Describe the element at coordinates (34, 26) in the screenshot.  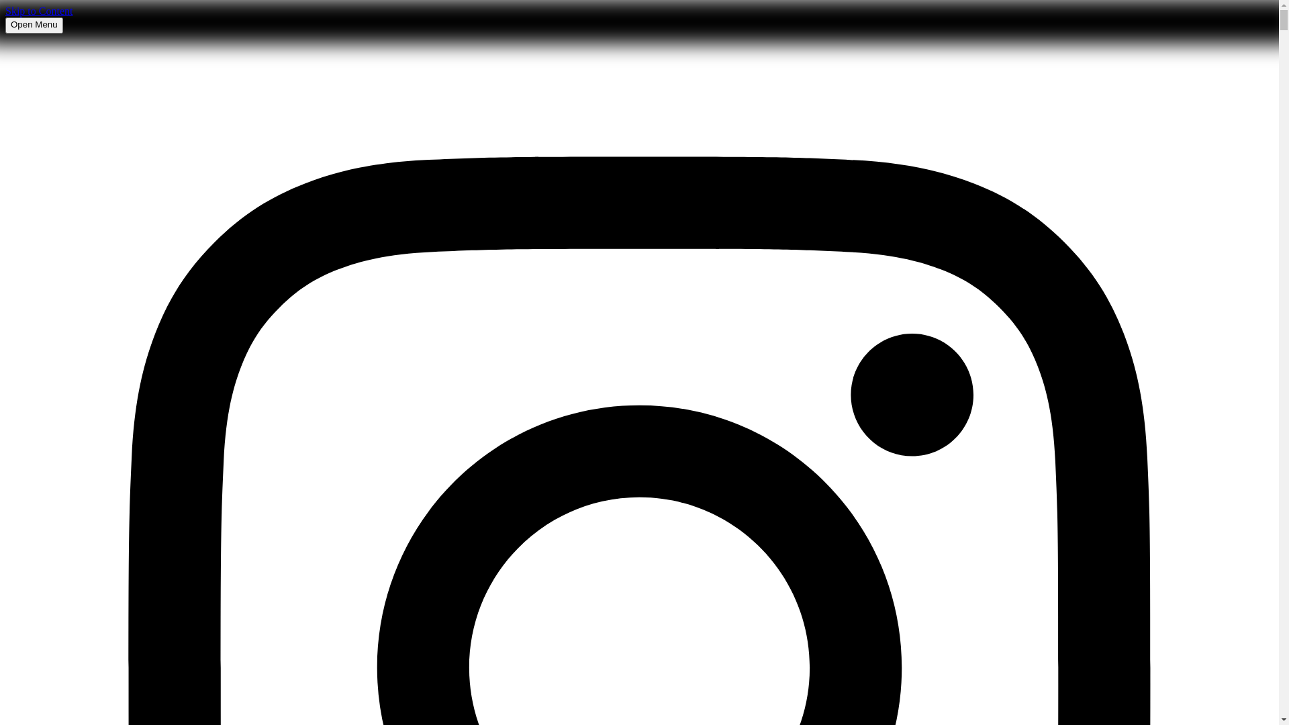
I see `'Open Menu'` at that location.